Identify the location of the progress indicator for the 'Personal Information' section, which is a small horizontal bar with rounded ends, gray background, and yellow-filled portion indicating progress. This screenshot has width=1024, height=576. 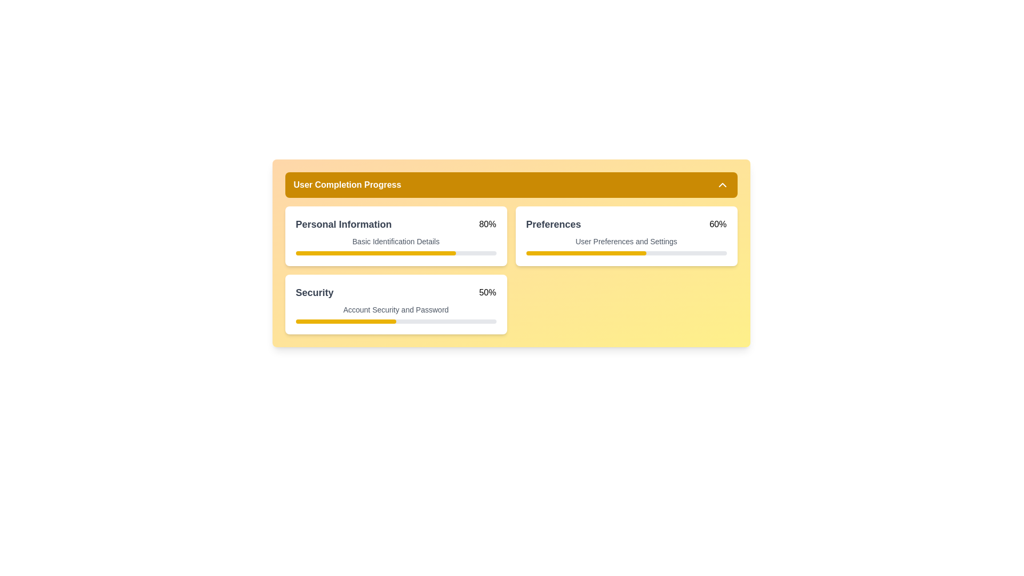
(395, 253).